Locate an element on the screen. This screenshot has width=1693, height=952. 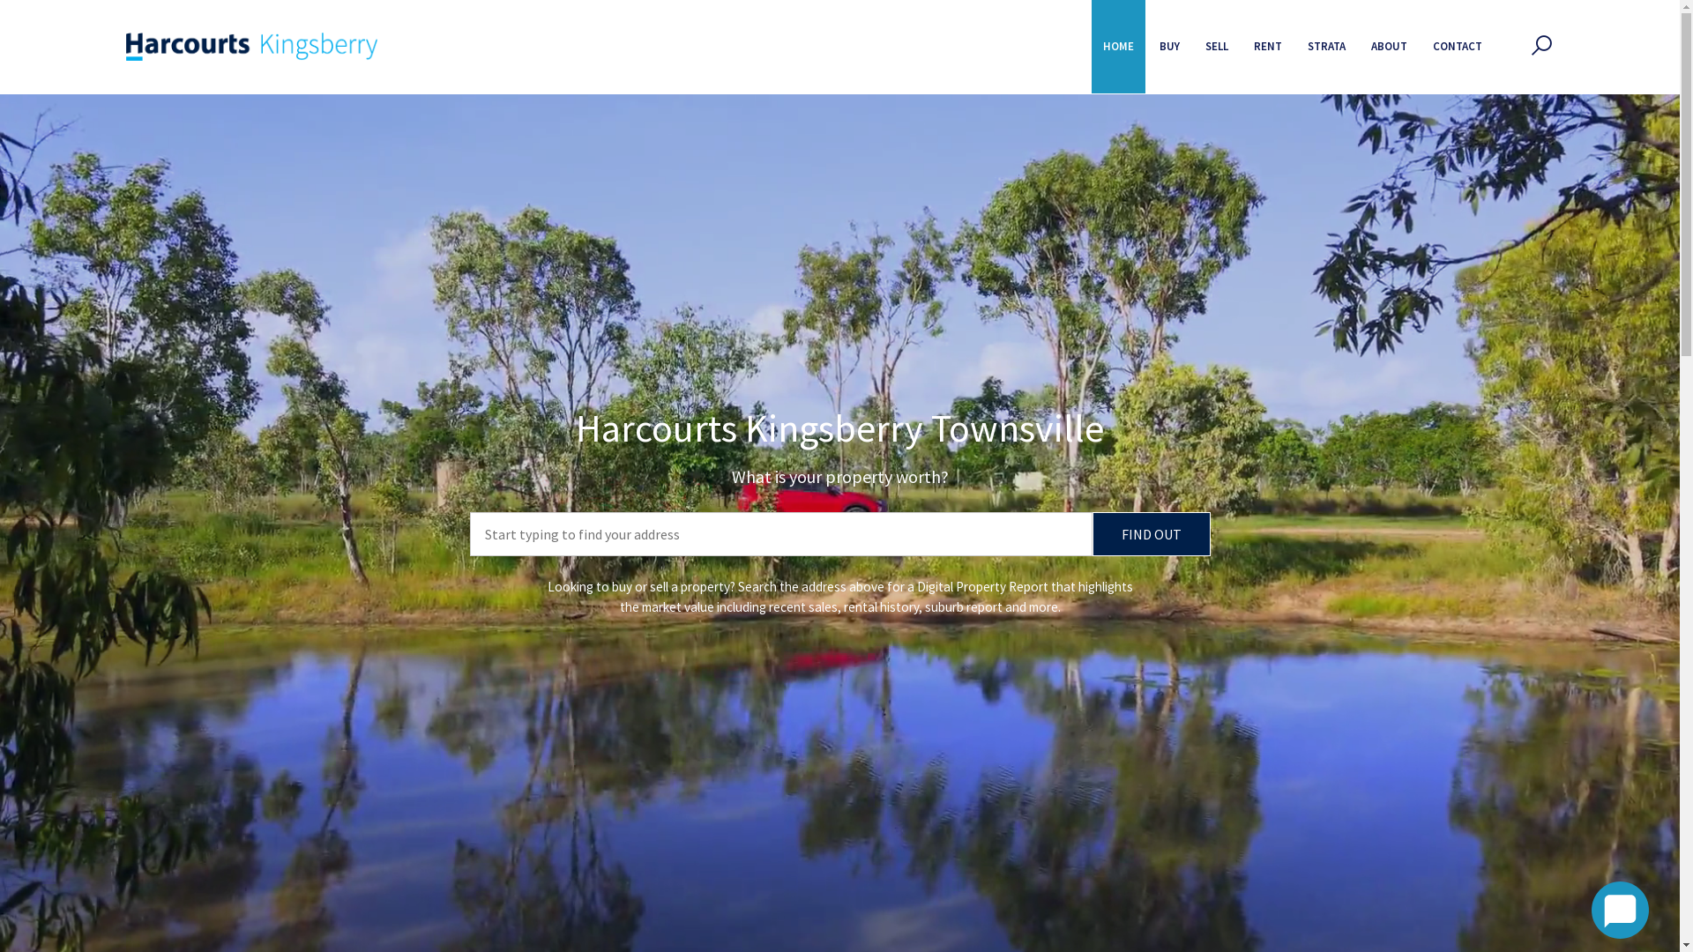
'Search' is located at coordinates (1108, 154).